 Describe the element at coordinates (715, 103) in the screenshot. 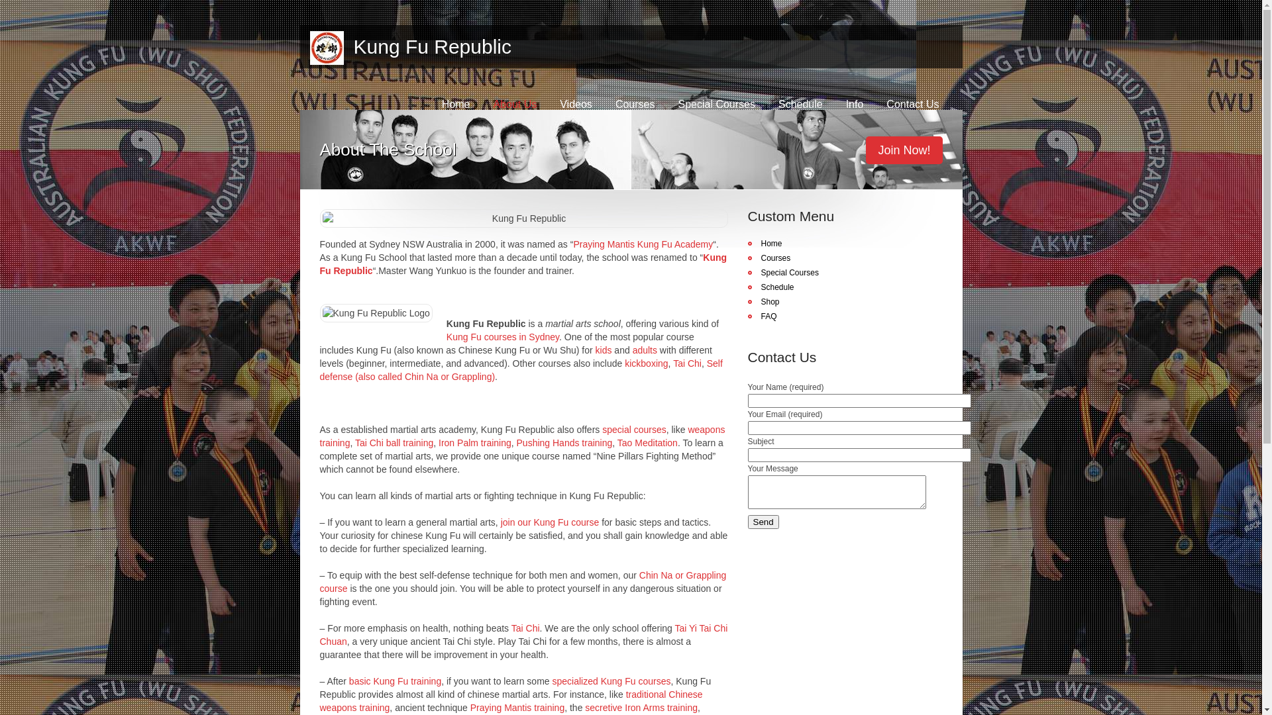

I see `'Special Courses'` at that location.